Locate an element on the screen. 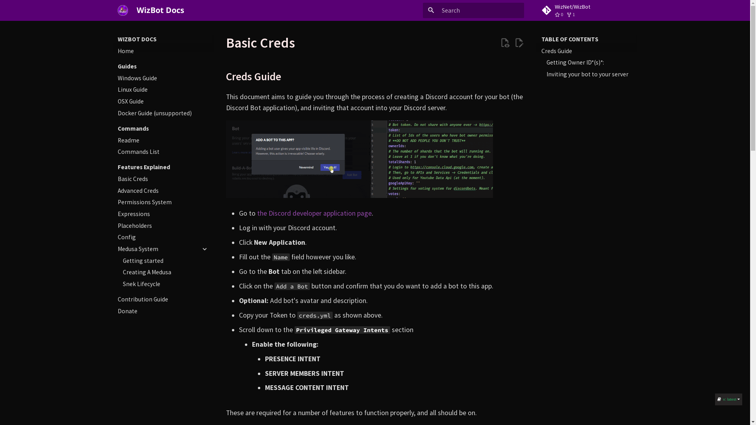  'Inviting your bot to your server' is located at coordinates (589, 74).